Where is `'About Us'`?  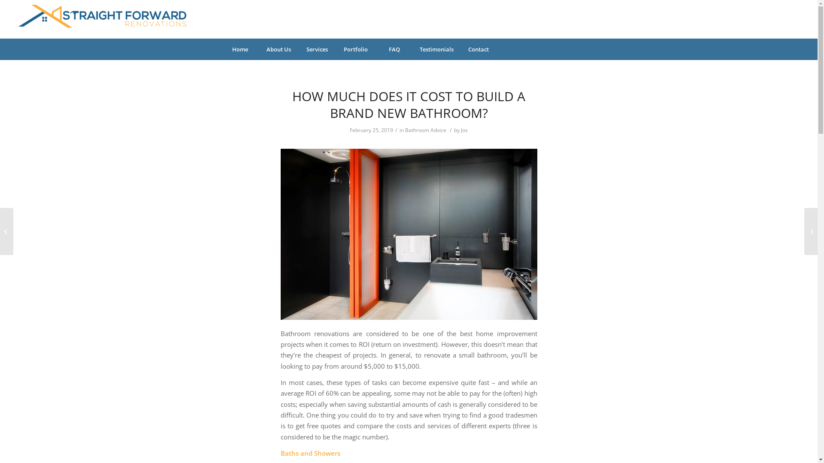
'About Us' is located at coordinates (278, 49).